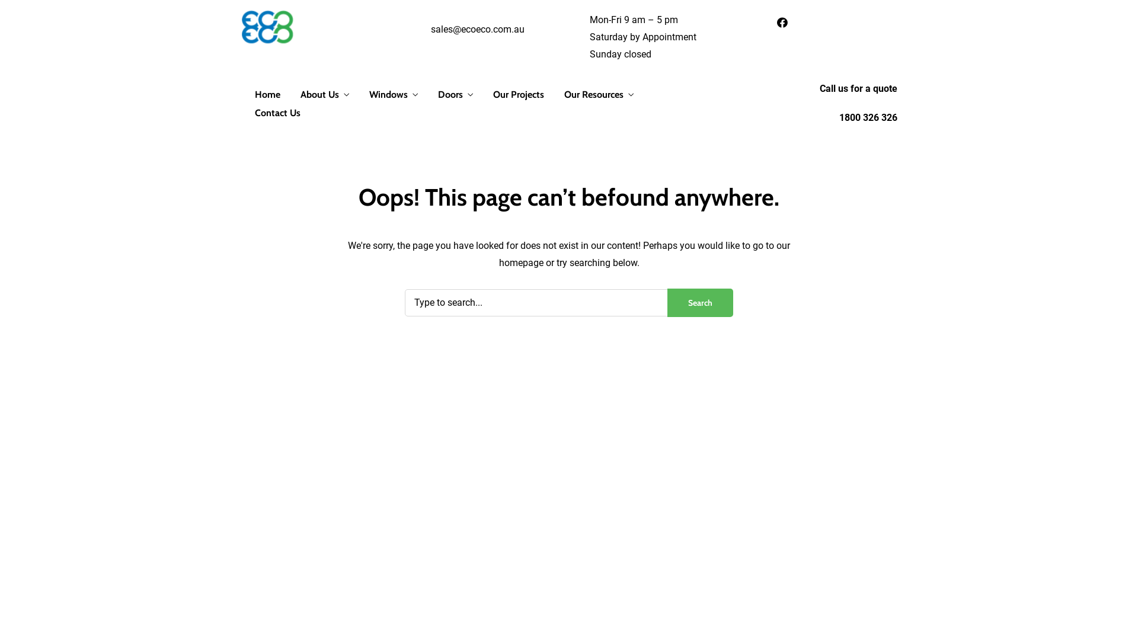  I want to click on 'Windows', so click(393, 95).